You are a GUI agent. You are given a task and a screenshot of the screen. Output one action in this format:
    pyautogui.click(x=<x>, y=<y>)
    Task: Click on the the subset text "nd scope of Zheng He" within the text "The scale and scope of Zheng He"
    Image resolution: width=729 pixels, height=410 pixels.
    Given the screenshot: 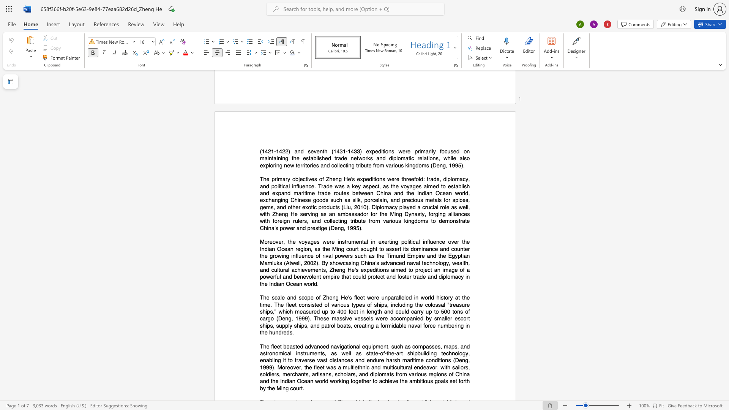 What is the action you would take?
    pyautogui.click(x=290, y=297)
    